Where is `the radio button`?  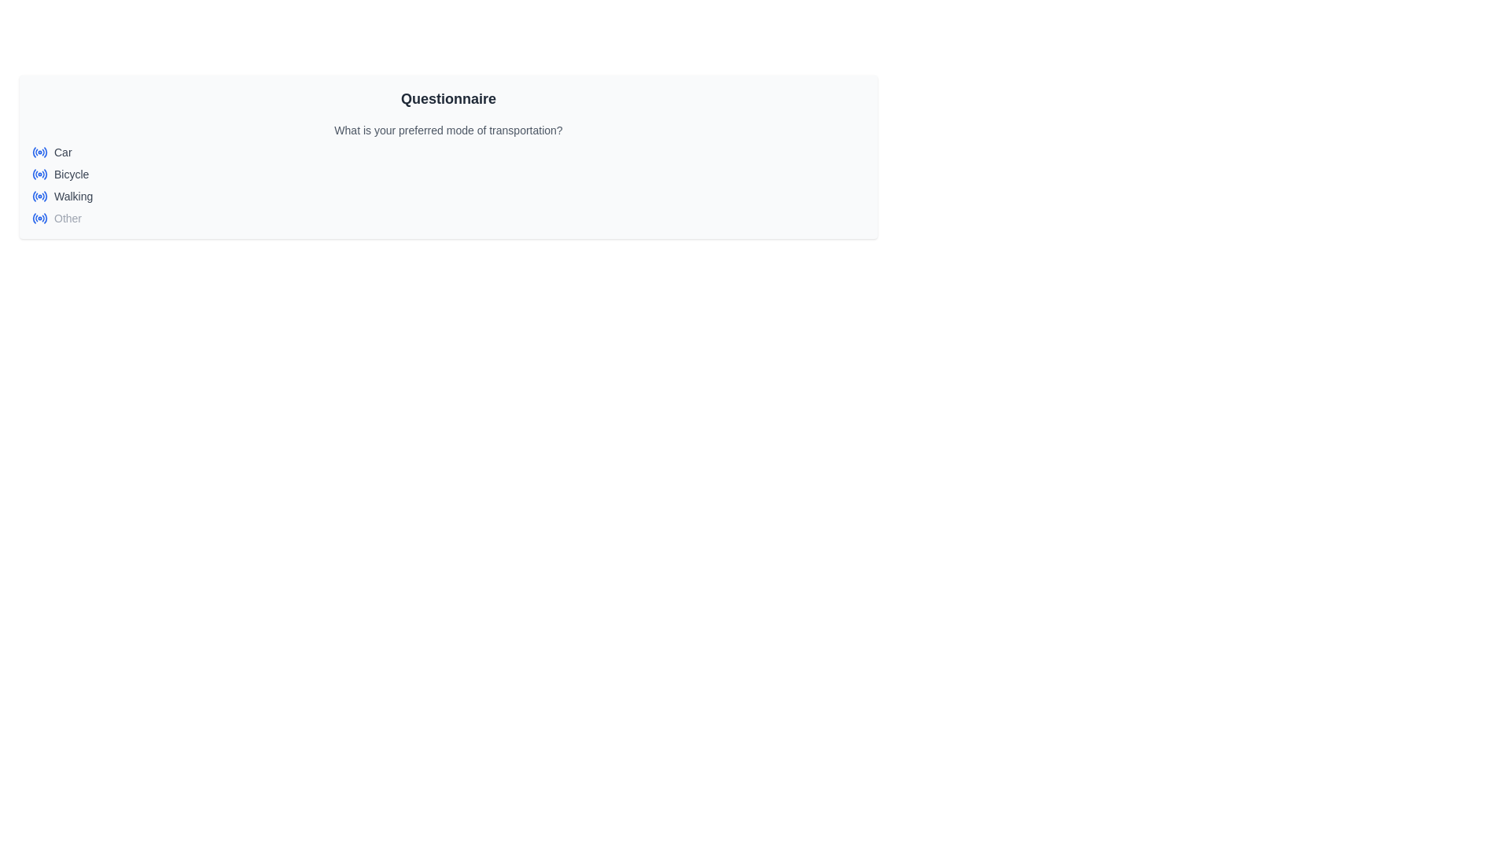
the radio button is located at coordinates (40, 196).